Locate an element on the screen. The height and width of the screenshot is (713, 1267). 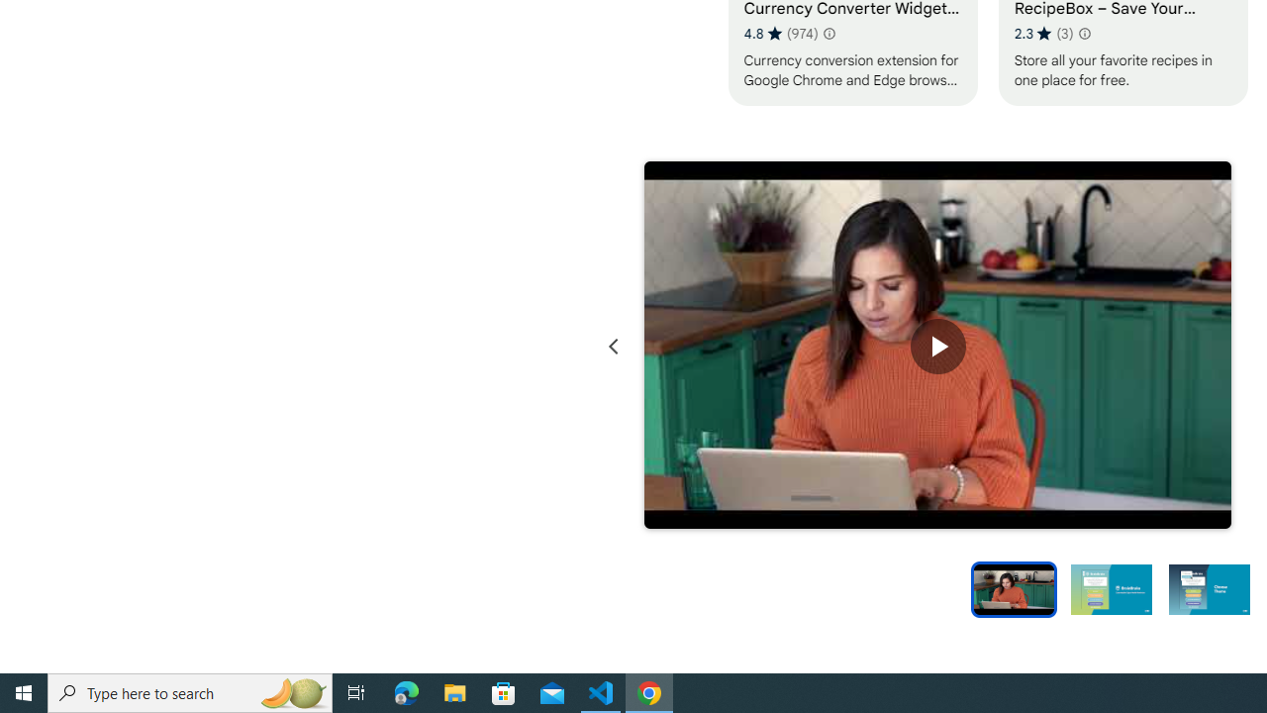
'Preview slide 1' is located at coordinates (1014, 587).